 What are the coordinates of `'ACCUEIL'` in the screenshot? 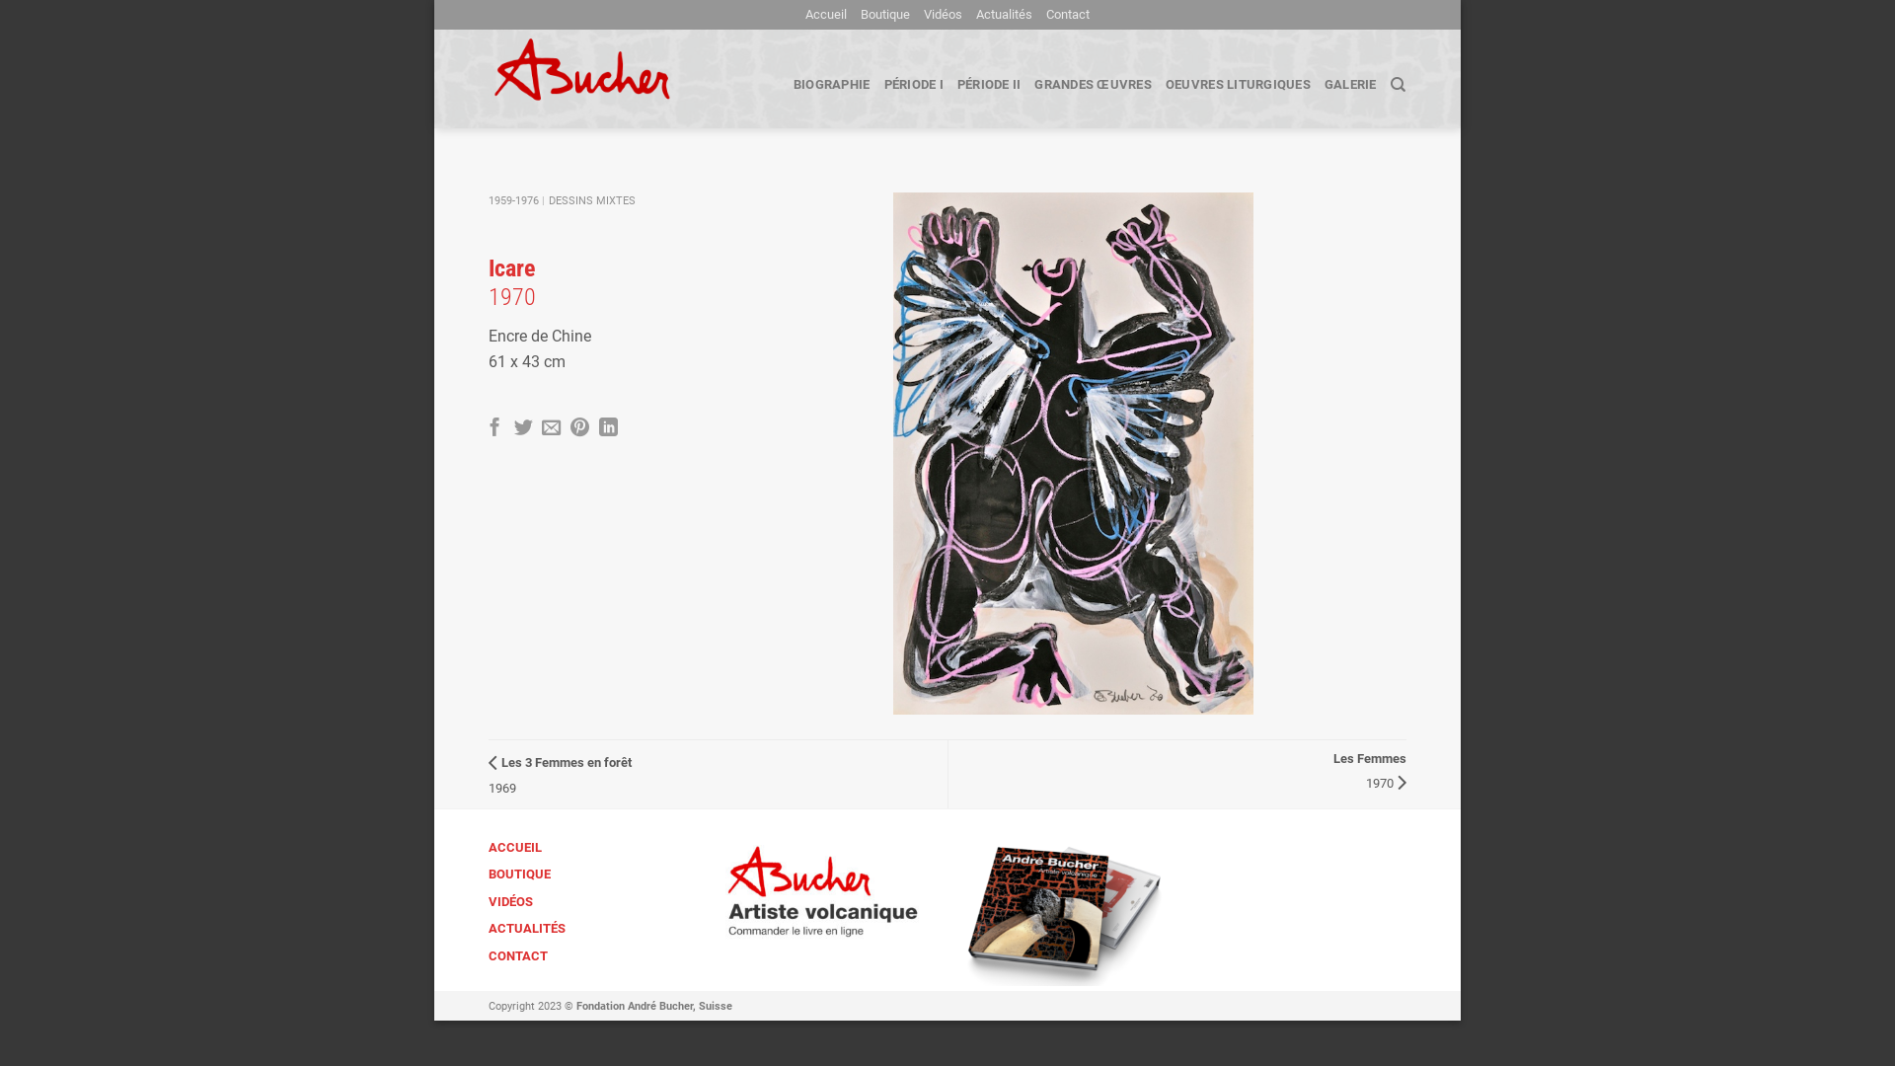 It's located at (488, 847).